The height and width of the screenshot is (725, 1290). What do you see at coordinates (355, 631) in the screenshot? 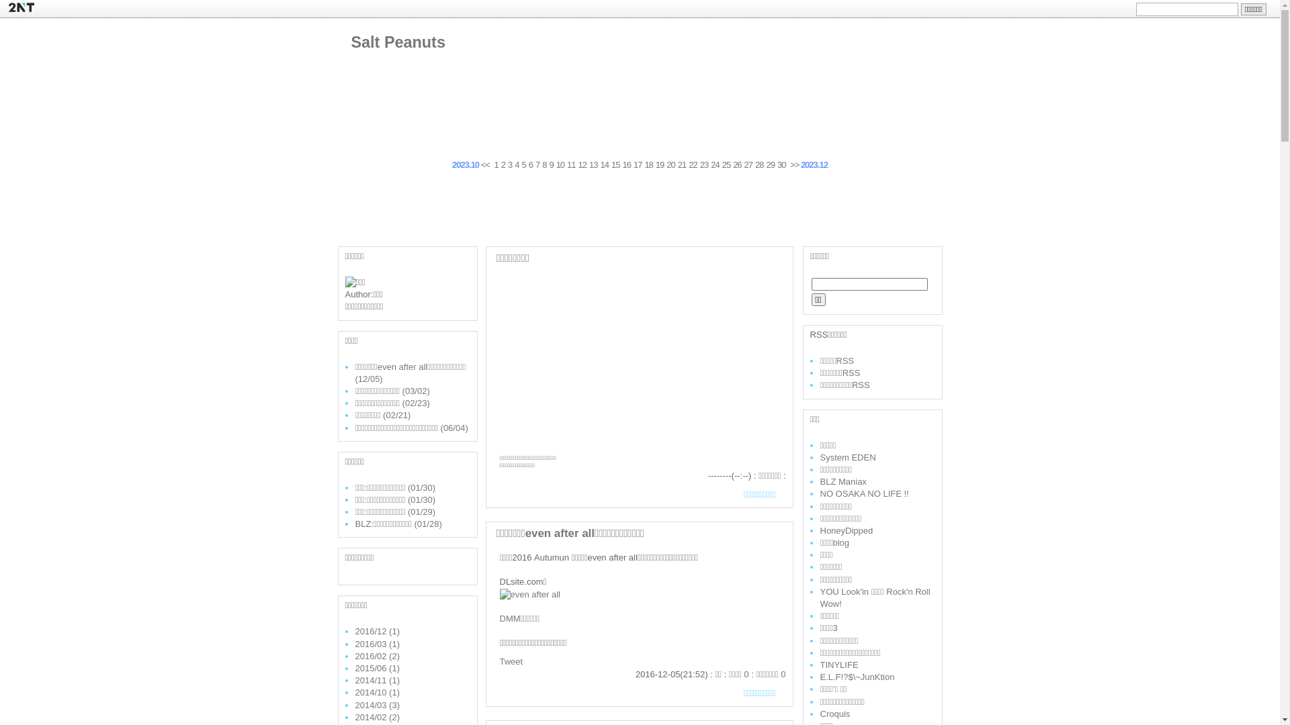
I see `'2016/12 (1)'` at bounding box center [355, 631].